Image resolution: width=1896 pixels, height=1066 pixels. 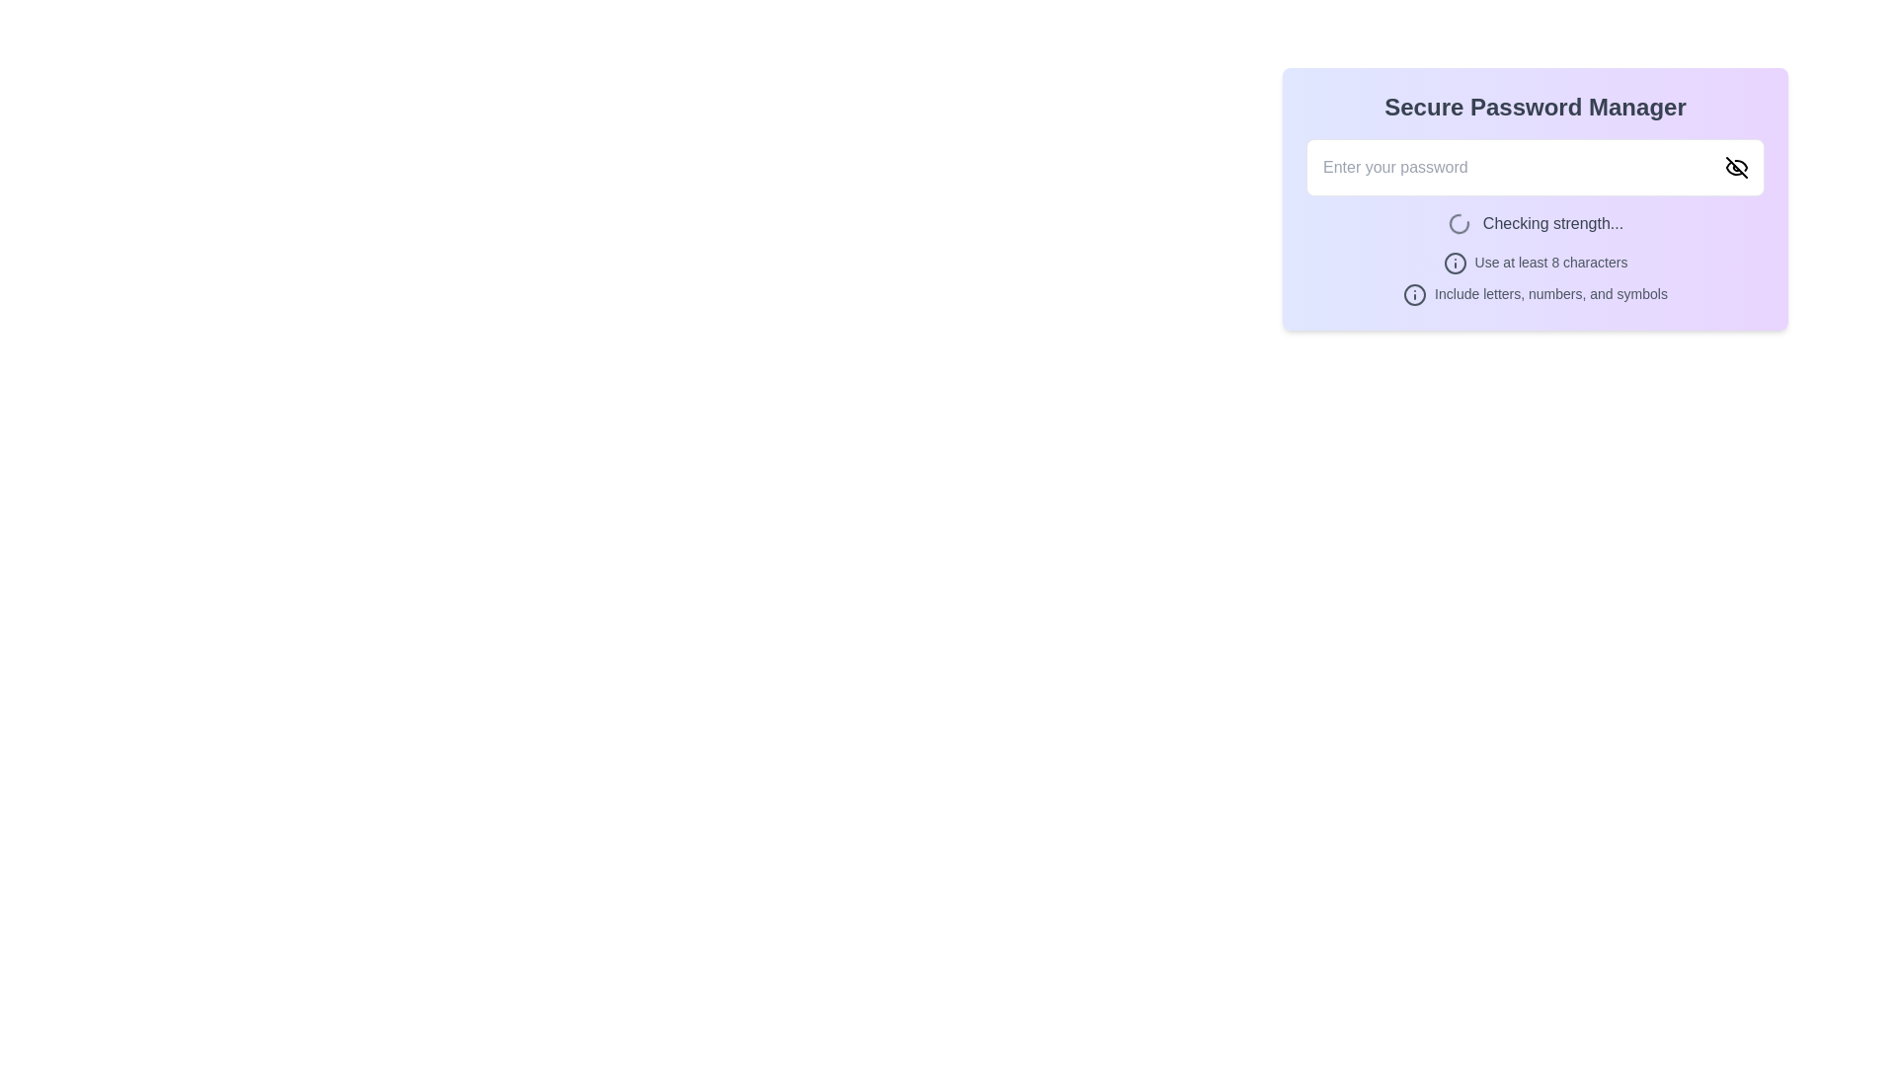 I want to click on the eye-slash icon component that visually indicates the password visibility toggle is set to hide the entered password, so click(x=1735, y=166).